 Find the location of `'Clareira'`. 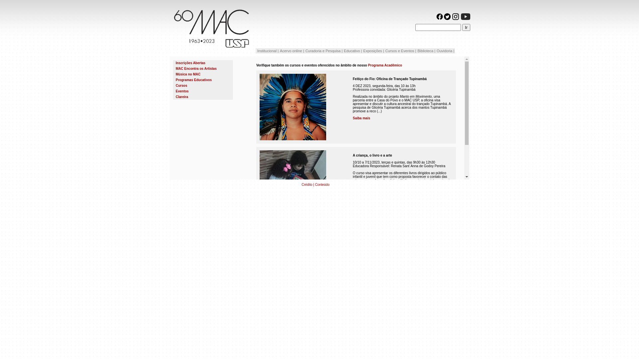

'Clareira' is located at coordinates (182, 97).